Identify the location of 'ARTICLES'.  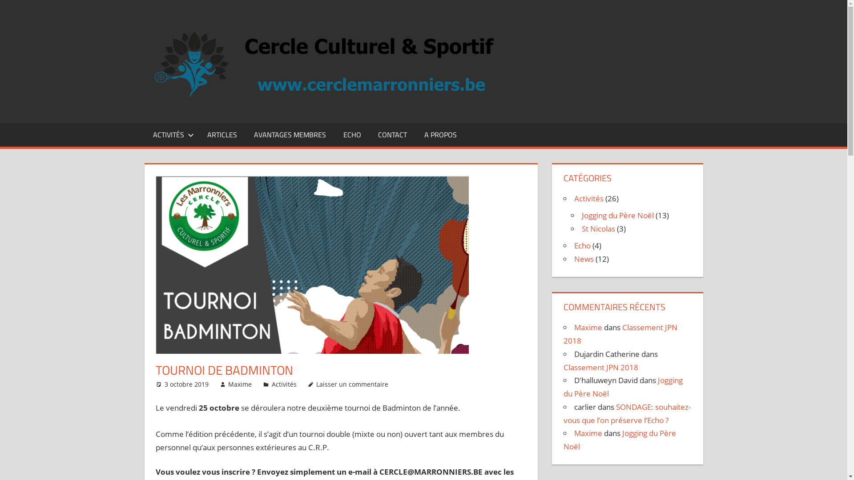
(198, 135).